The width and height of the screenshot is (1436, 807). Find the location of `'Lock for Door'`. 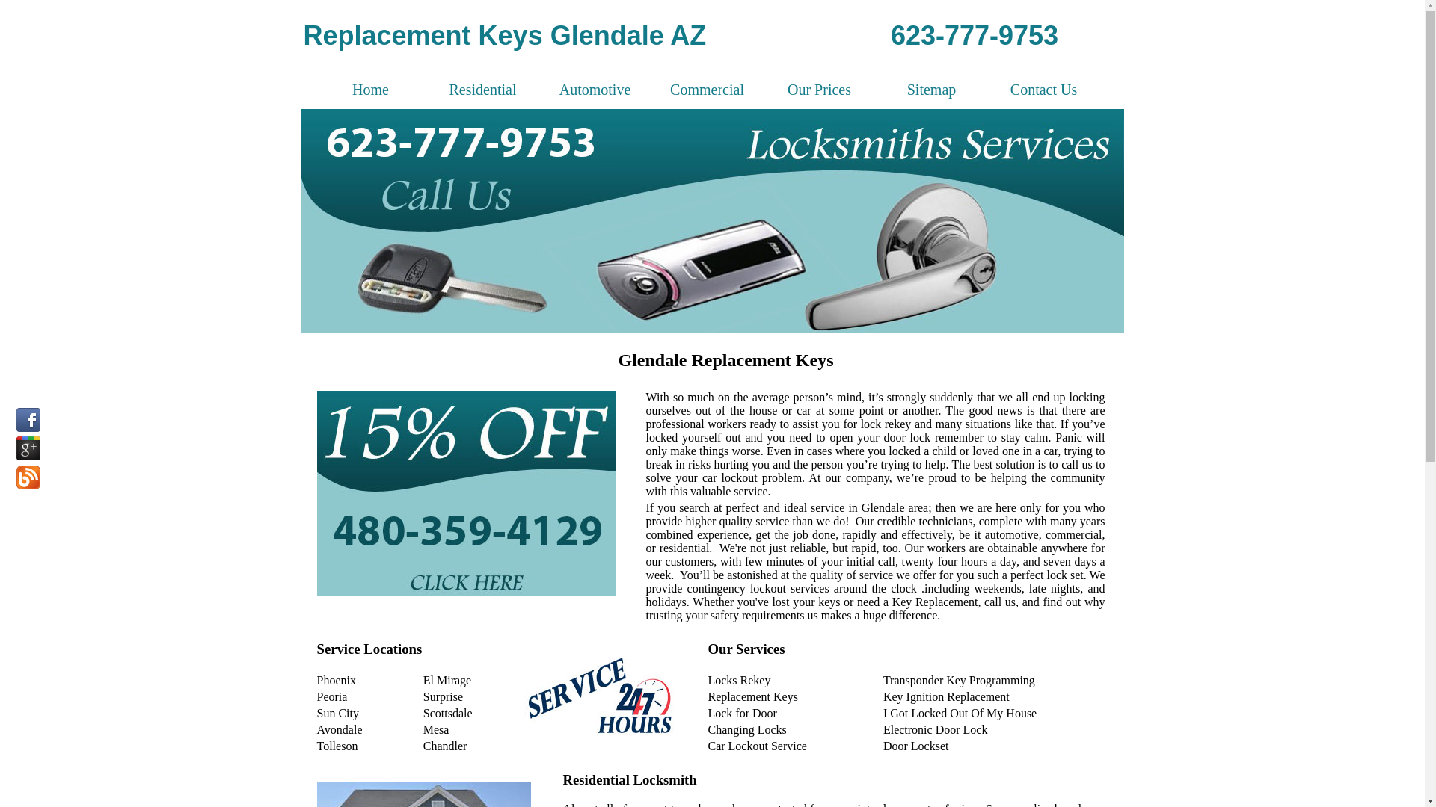

'Lock for Door' is located at coordinates (742, 712).